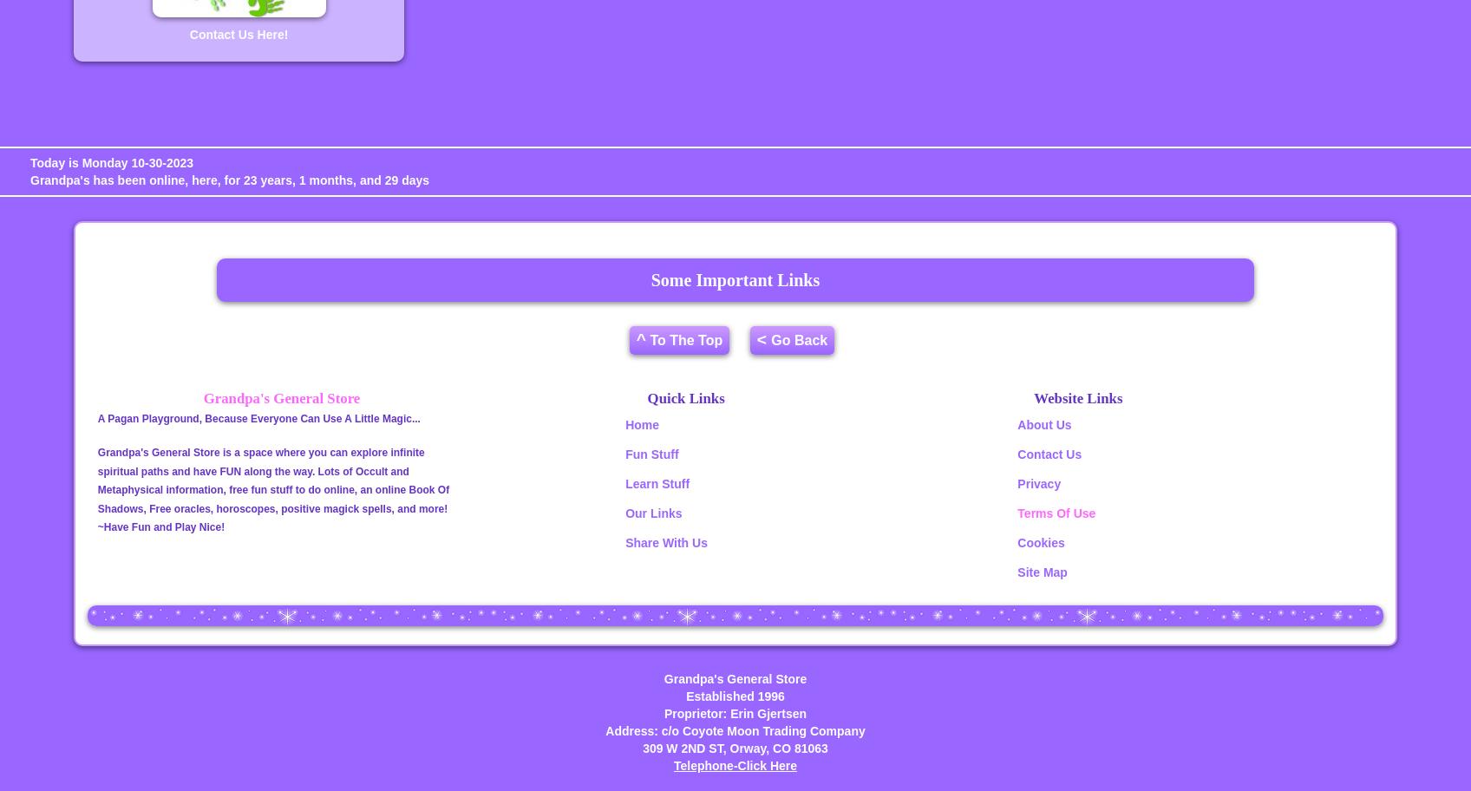  Describe the element at coordinates (160, 527) in the screenshot. I see `'~Have Fun and Play Nice!'` at that location.